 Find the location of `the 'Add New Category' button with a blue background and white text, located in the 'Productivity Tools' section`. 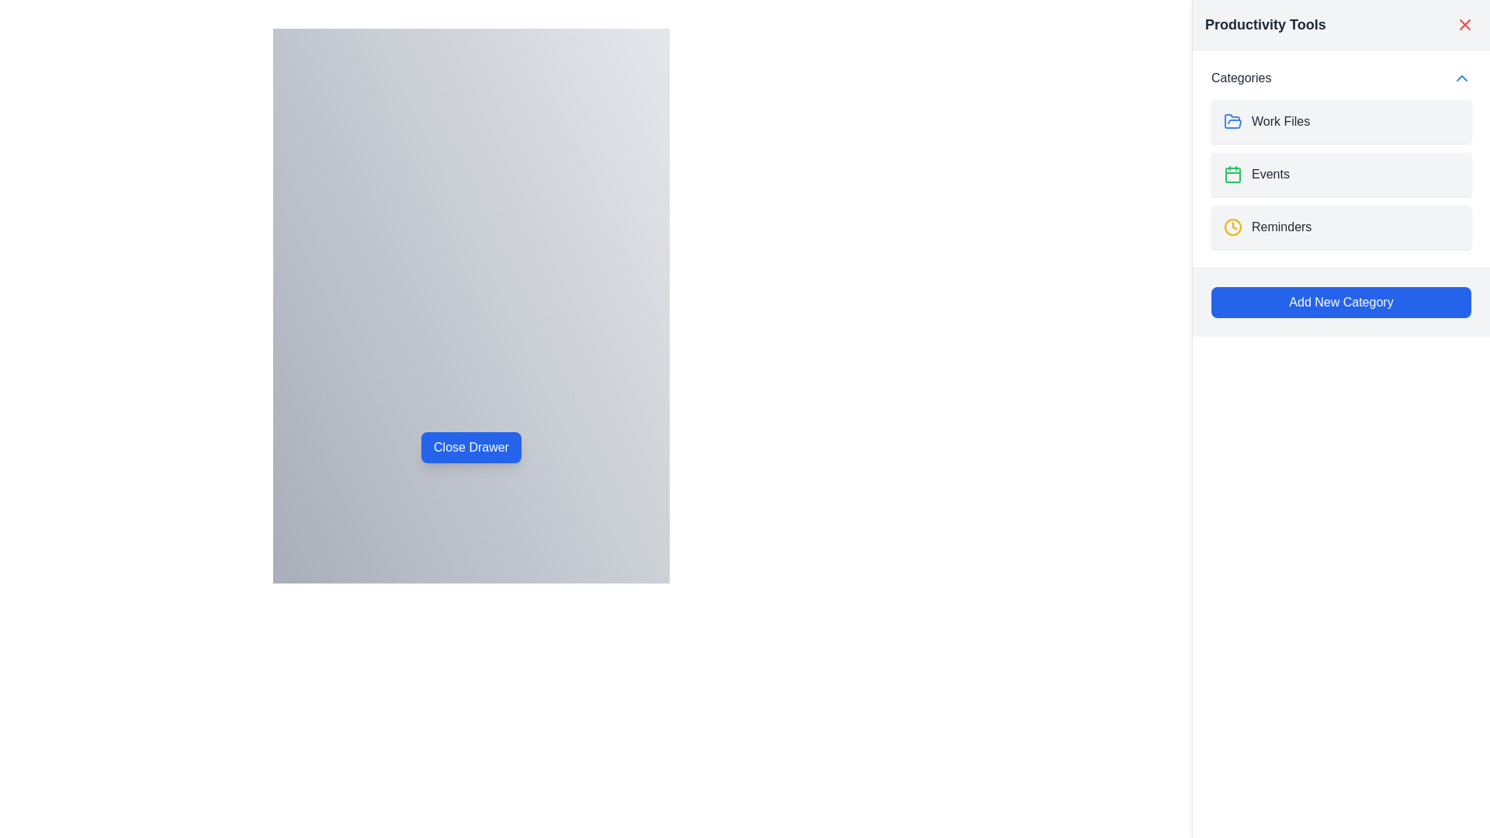

the 'Add New Category' button with a blue background and white text, located in the 'Productivity Tools' section is located at coordinates (1340, 302).